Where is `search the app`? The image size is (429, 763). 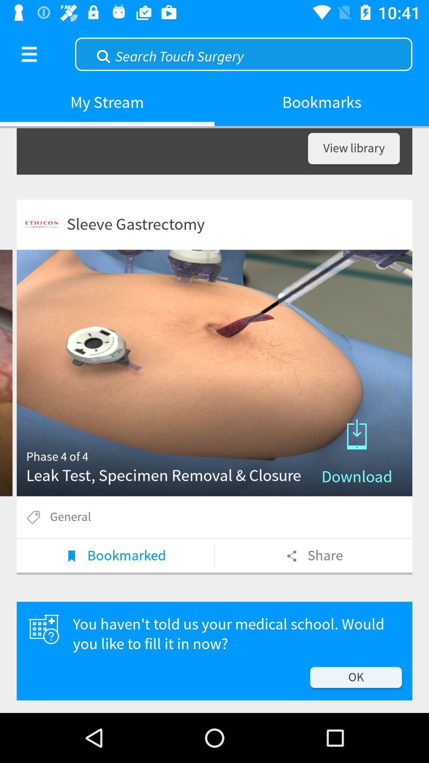
search the app is located at coordinates (243, 53).